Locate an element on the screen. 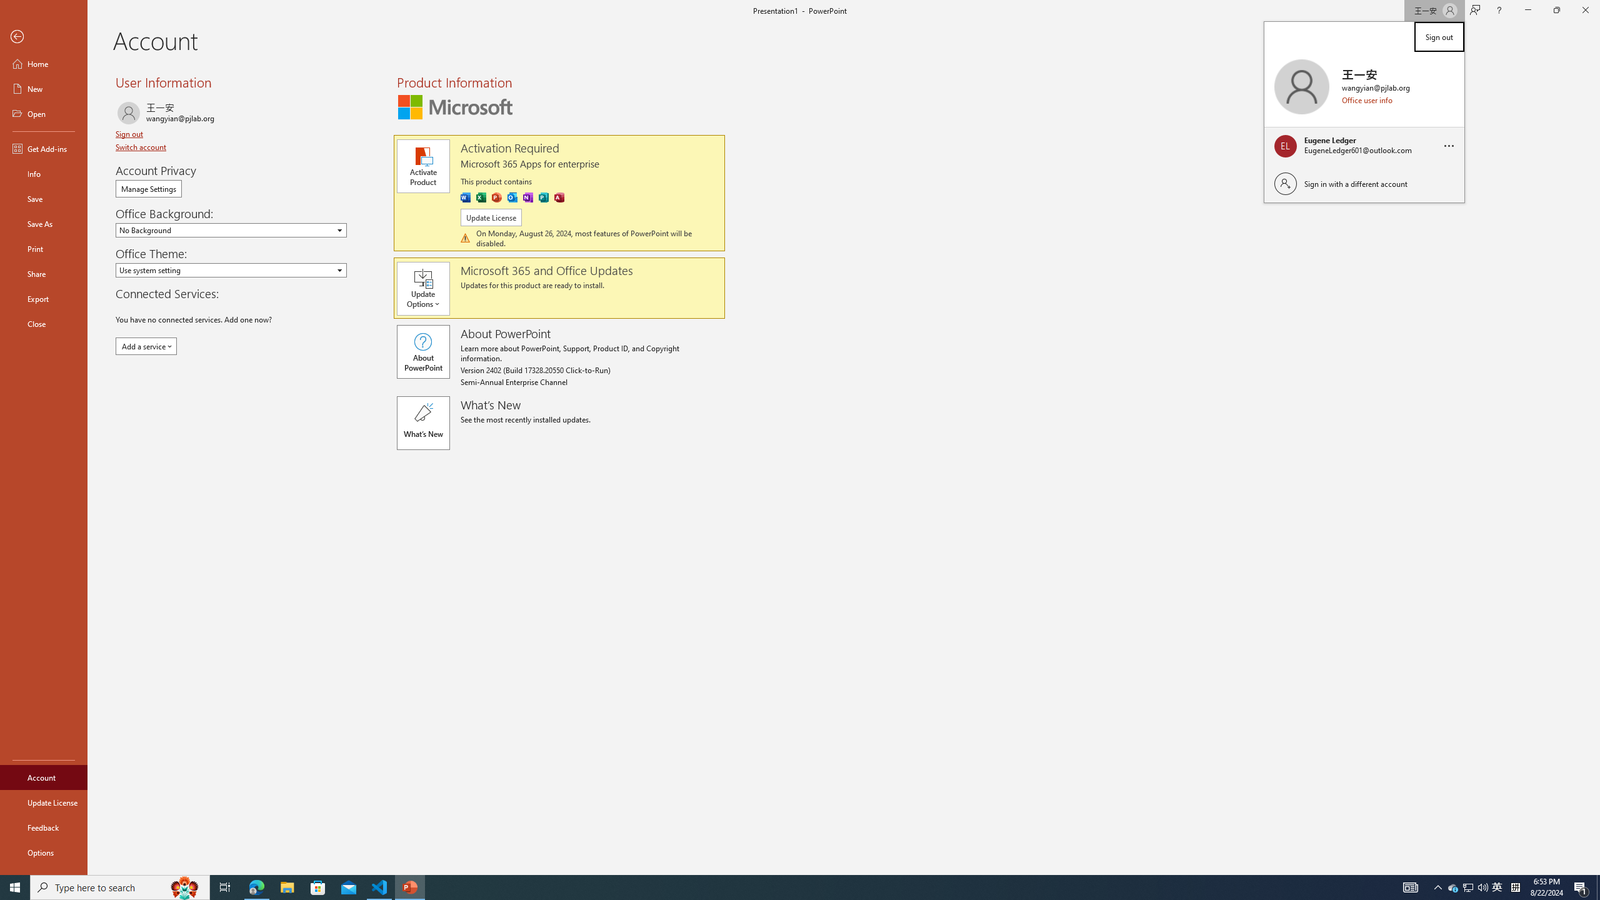 Image resolution: width=1600 pixels, height=900 pixels. 'Add a service' is located at coordinates (146, 345).